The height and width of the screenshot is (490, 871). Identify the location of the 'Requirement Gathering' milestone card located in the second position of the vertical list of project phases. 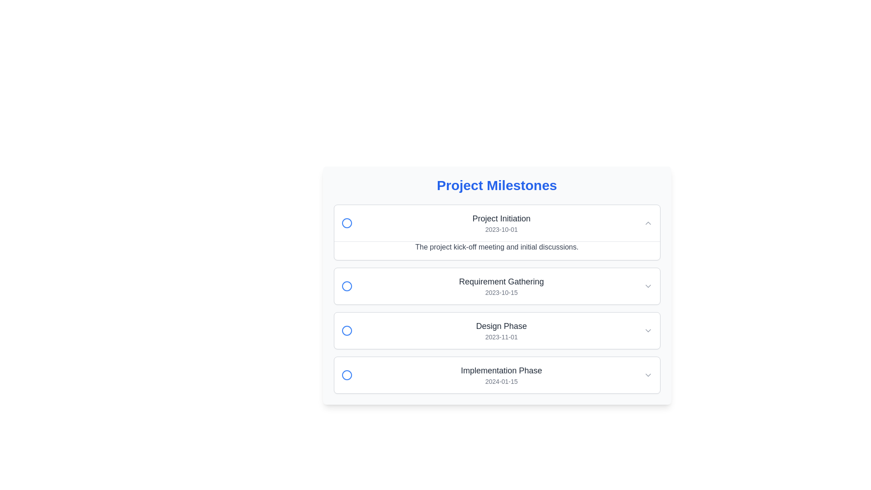
(496, 299).